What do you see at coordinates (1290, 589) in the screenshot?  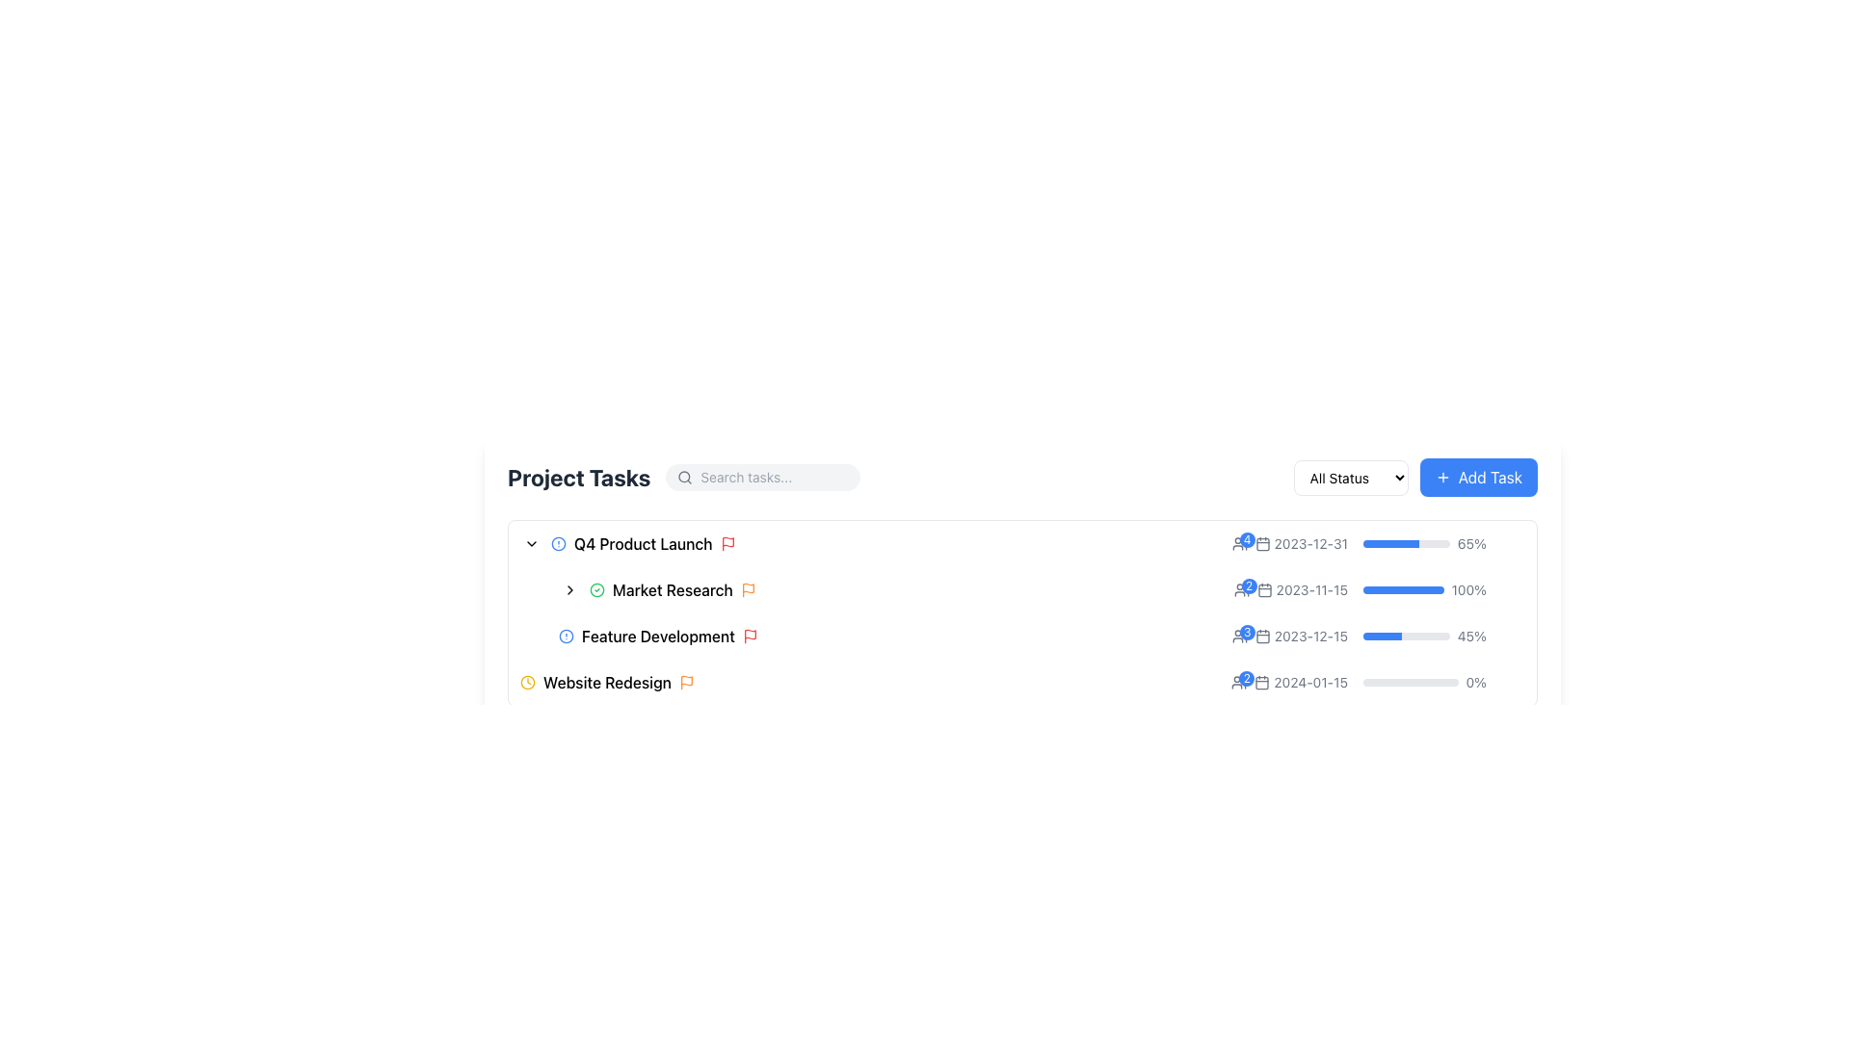 I see `the text element displaying the date '2023-11-15' and its adjacent elements in the task list for 'Market Research'` at bounding box center [1290, 589].